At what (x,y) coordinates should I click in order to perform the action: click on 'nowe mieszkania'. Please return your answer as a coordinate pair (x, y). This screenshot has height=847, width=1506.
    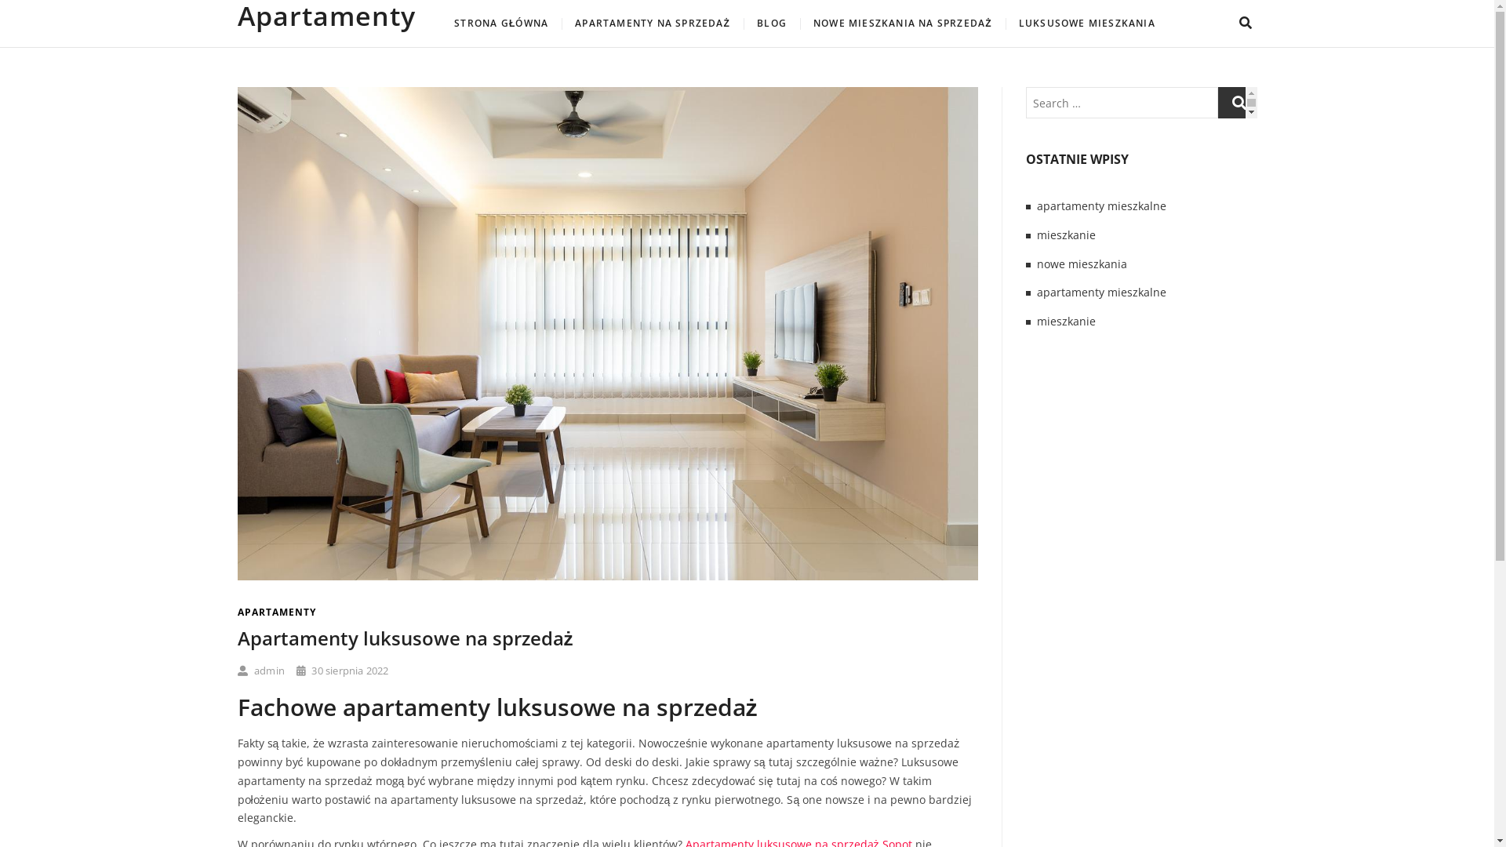
    Looking at the image, I should click on (1081, 263).